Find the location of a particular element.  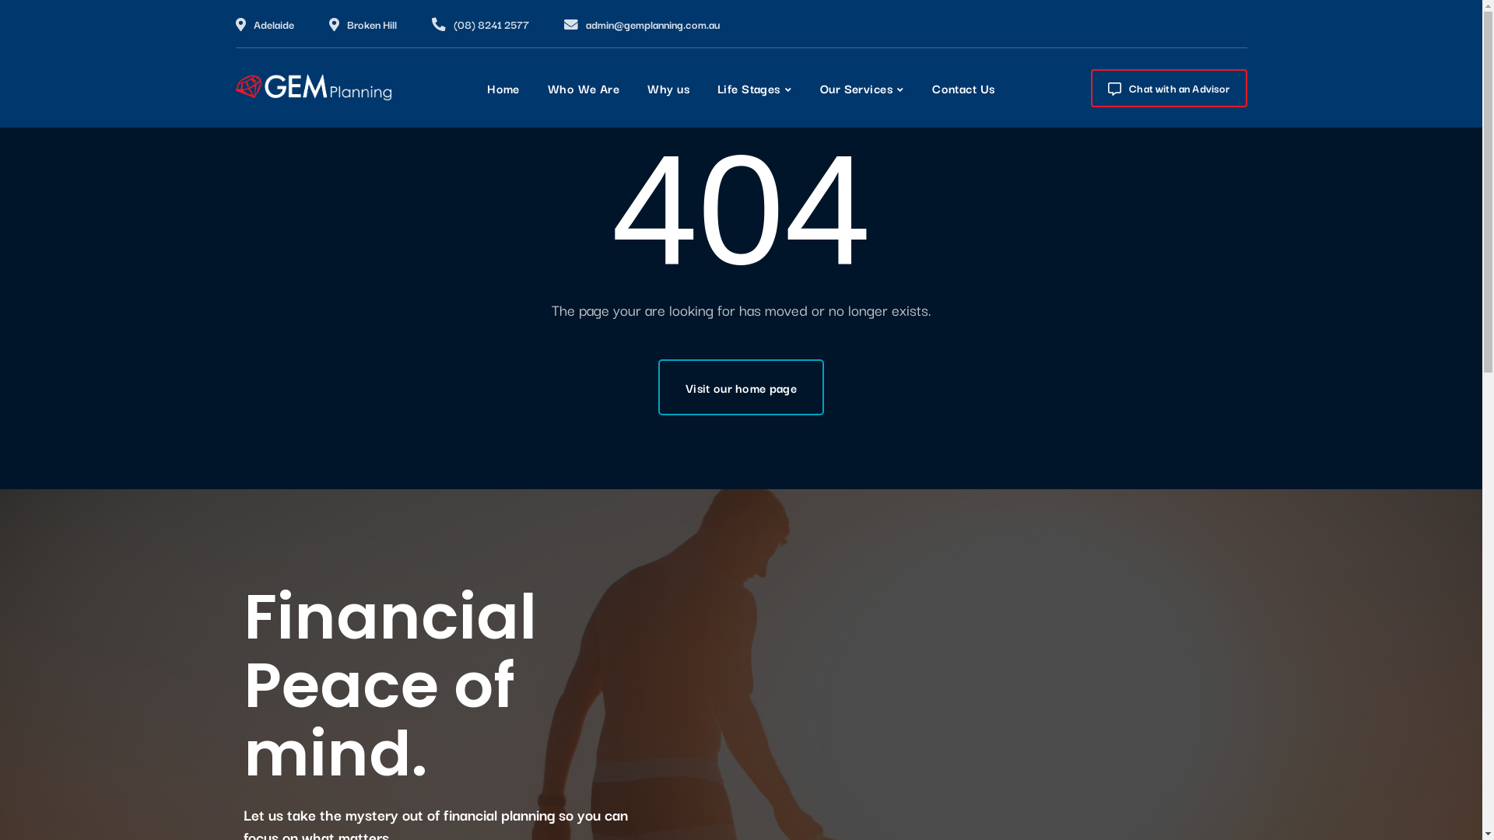

'Life Stages' is located at coordinates (754, 87).